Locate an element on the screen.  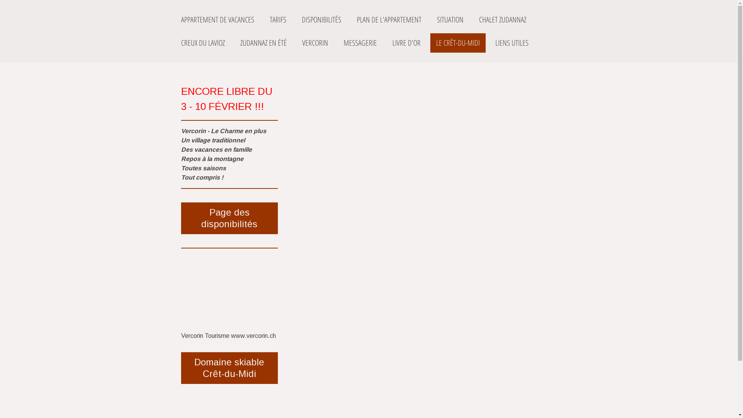
'SITUATION' is located at coordinates (430, 19).